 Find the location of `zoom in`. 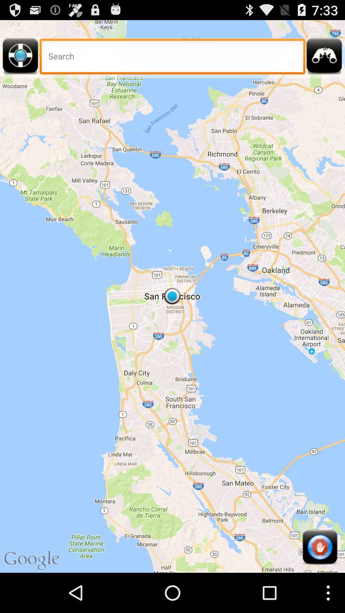

zoom in is located at coordinates (324, 58).